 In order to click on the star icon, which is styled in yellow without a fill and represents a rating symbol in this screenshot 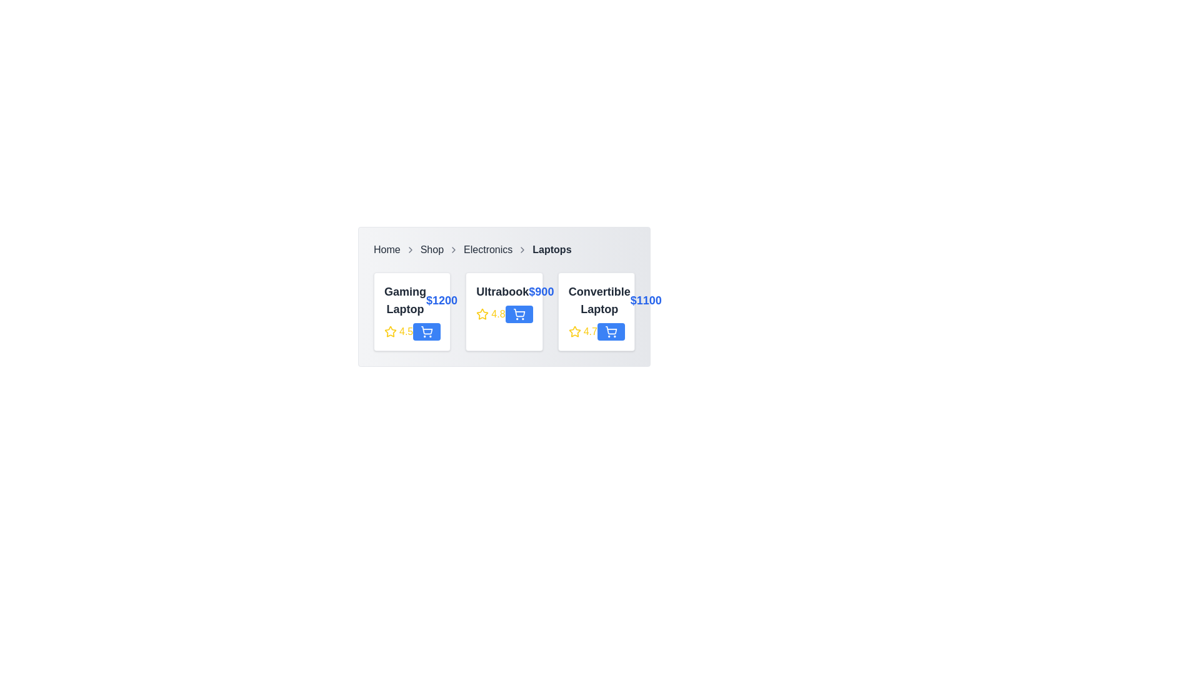, I will do `click(389, 331)`.